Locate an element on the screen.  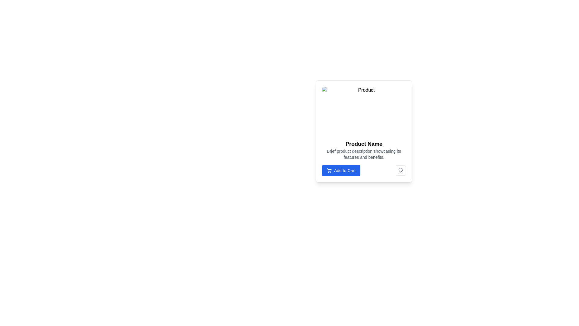
the shopping cart icon inside the blue 'Add to Cart' button located at the bottom of the card is located at coordinates (329, 170).